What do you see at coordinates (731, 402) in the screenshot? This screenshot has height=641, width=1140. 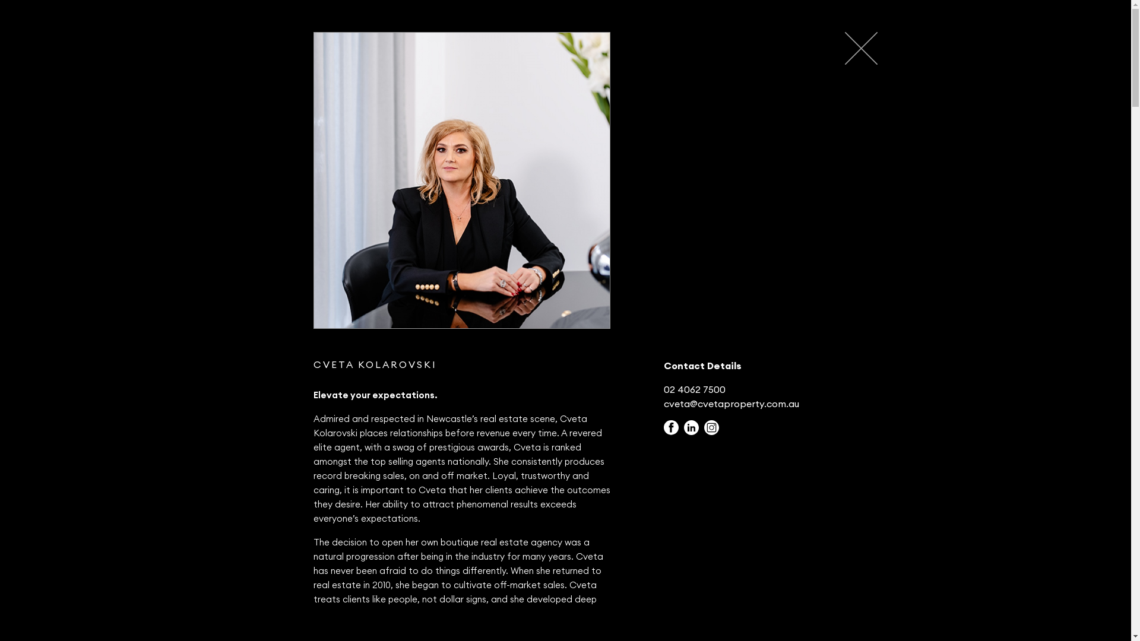 I see `'cveta@cvetaproperty.com.au'` at bounding box center [731, 402].